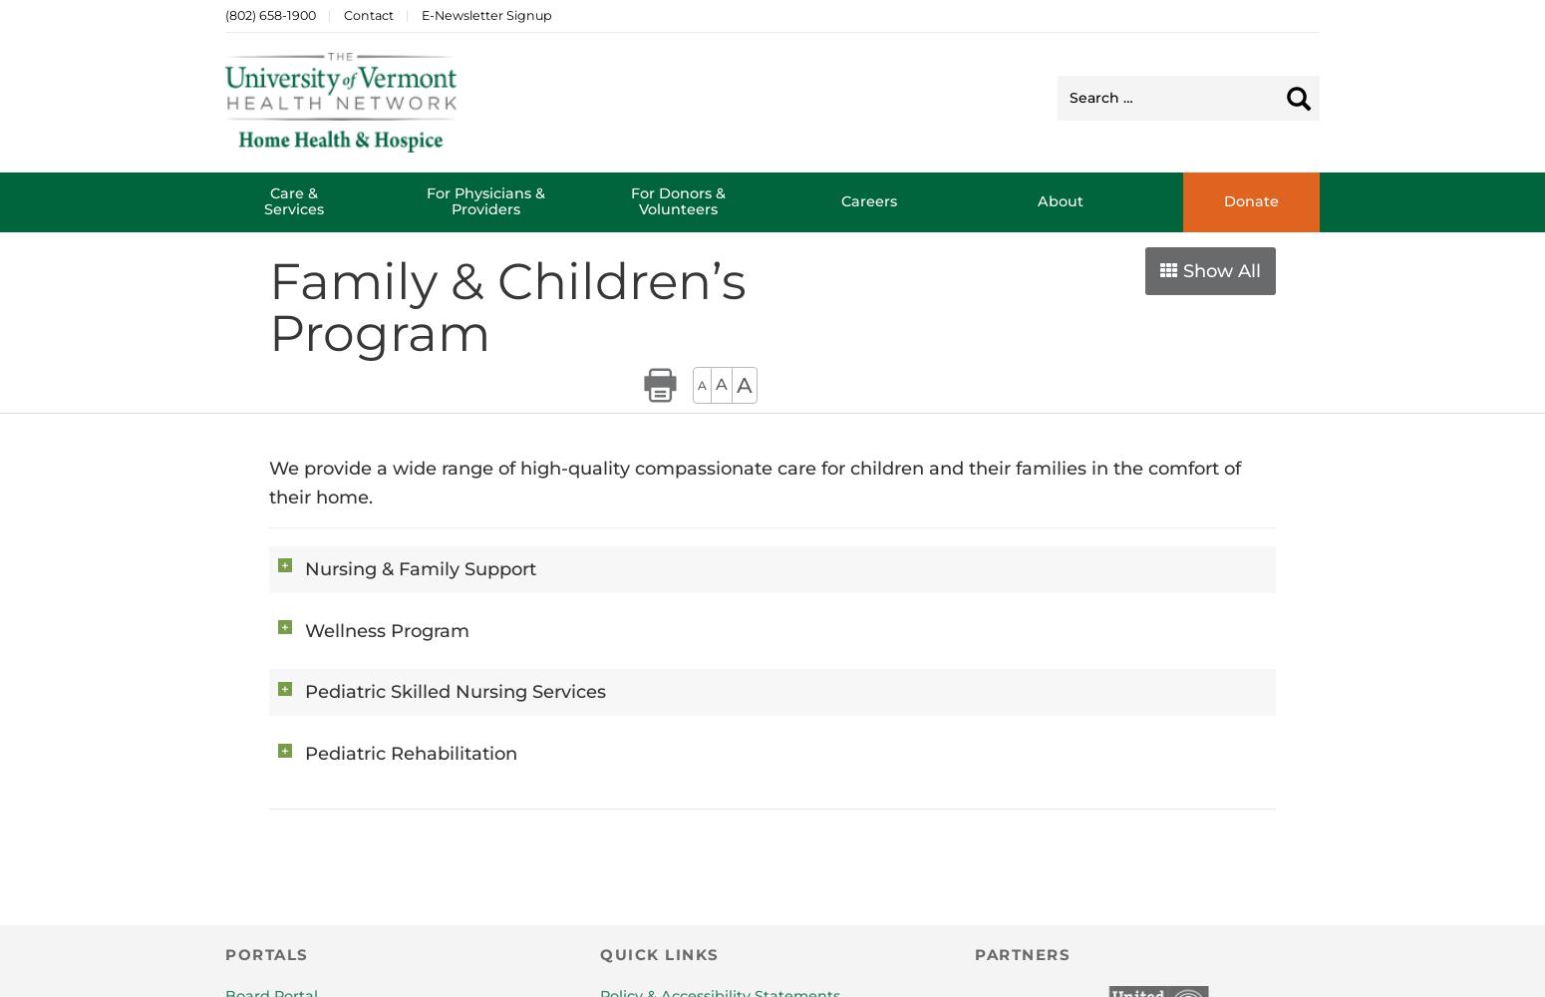  What do you see at coordinates (411, 754) in the screenshot?
I see `'Pediatric Rehabilitation'` at bounding box center [411, 754].